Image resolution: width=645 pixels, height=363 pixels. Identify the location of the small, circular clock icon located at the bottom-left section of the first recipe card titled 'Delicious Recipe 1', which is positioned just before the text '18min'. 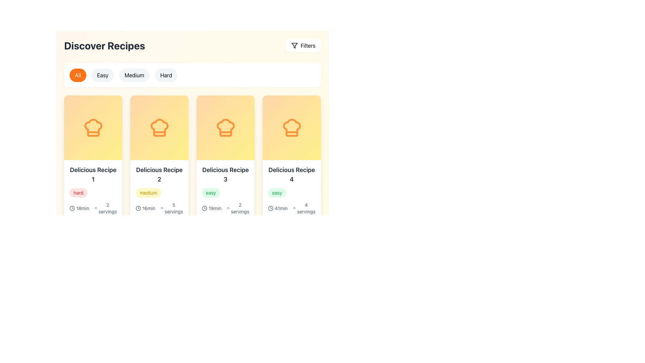
(72, 208).